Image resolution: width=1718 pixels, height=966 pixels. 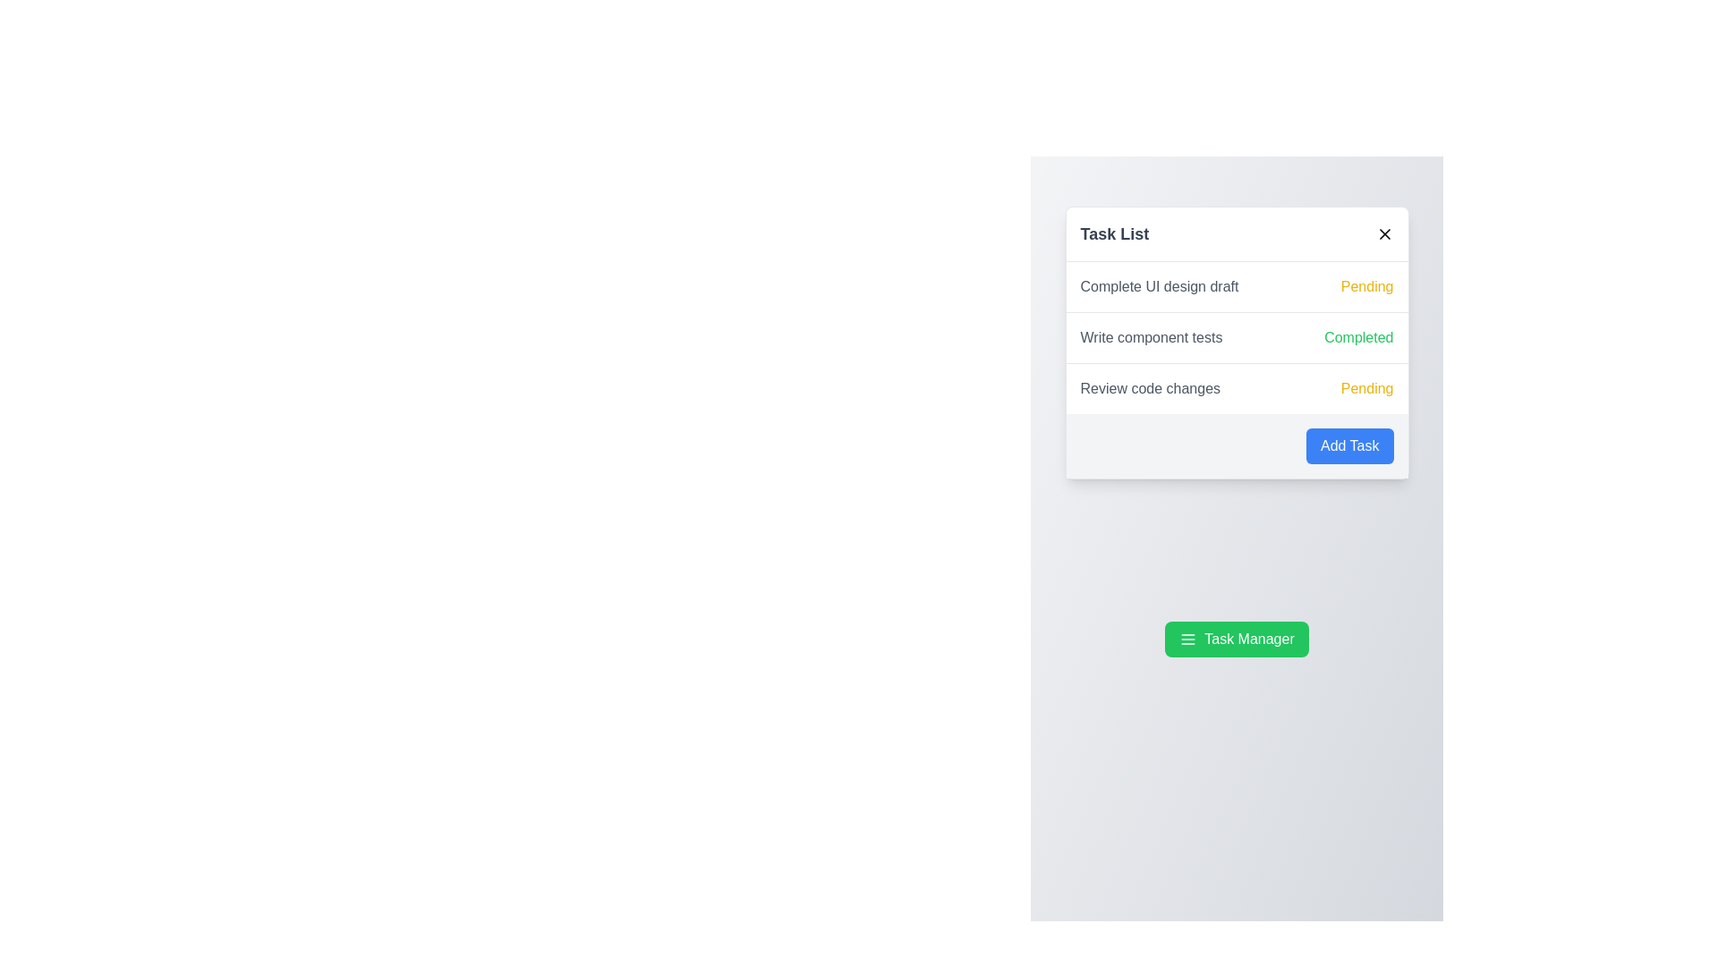 What do you see at coordinates (1151, 338) in the screenshot?
I see `text label that describes the task 'Write component tests', located in the 'Task List' box, specifically in the second row of tasks` at bounding box center [1151, 338].